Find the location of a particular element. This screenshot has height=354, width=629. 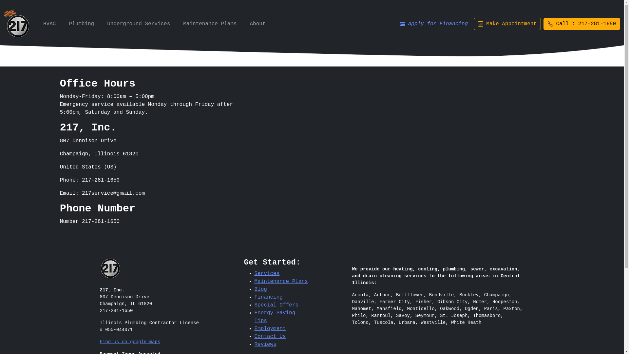

'Blog' is located at coordinates (260, 289).